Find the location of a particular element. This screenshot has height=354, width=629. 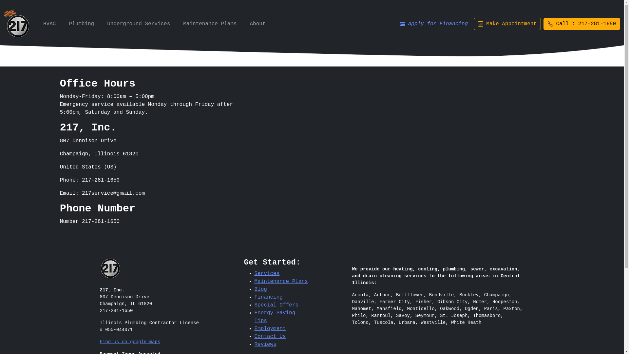

'Blog' is located at coordinates (260, 289).